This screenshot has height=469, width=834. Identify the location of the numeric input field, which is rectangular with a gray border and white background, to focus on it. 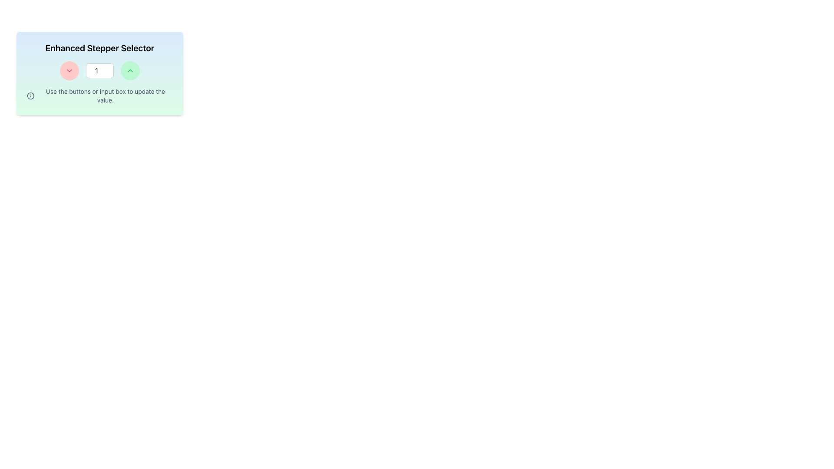
(100, 70).